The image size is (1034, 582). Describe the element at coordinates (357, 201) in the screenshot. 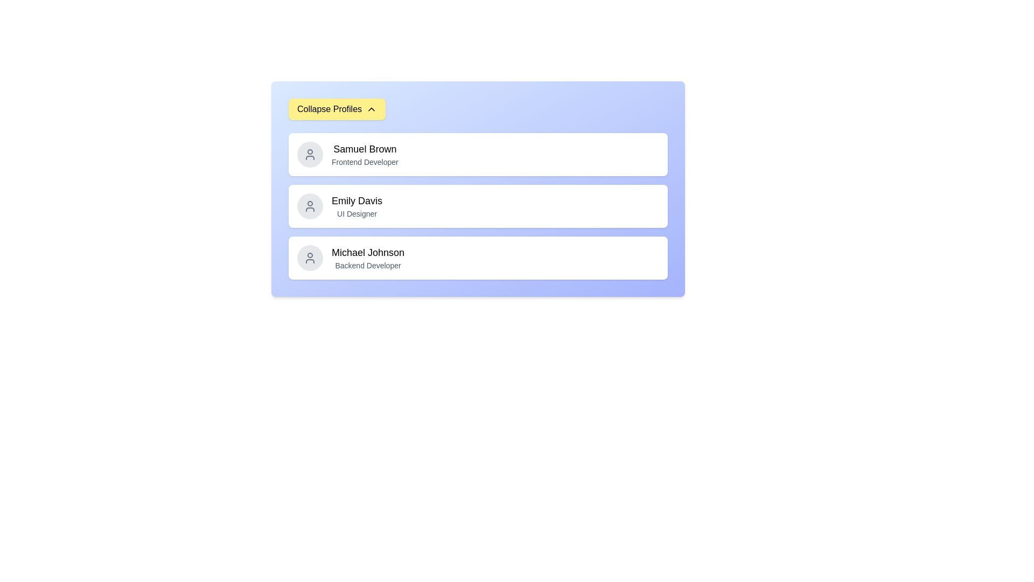

I see `the static text label displaying 'Emily Davis', which is the top text component in the user information card above the label 'UI Designer'` at that location.